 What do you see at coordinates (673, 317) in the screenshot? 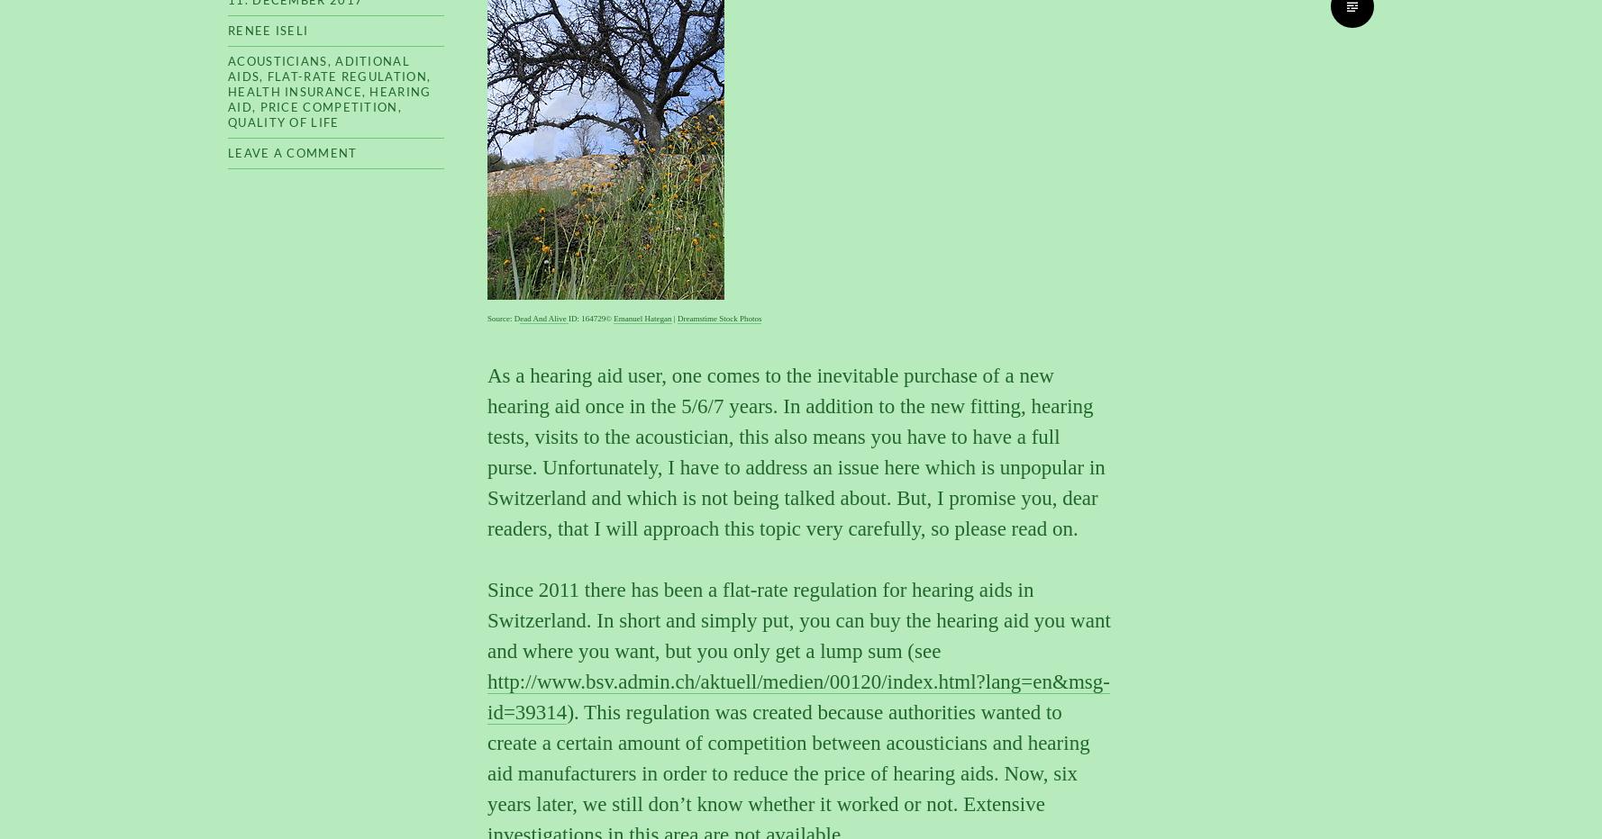
I see `'|'` at bounding box center [673, 317].